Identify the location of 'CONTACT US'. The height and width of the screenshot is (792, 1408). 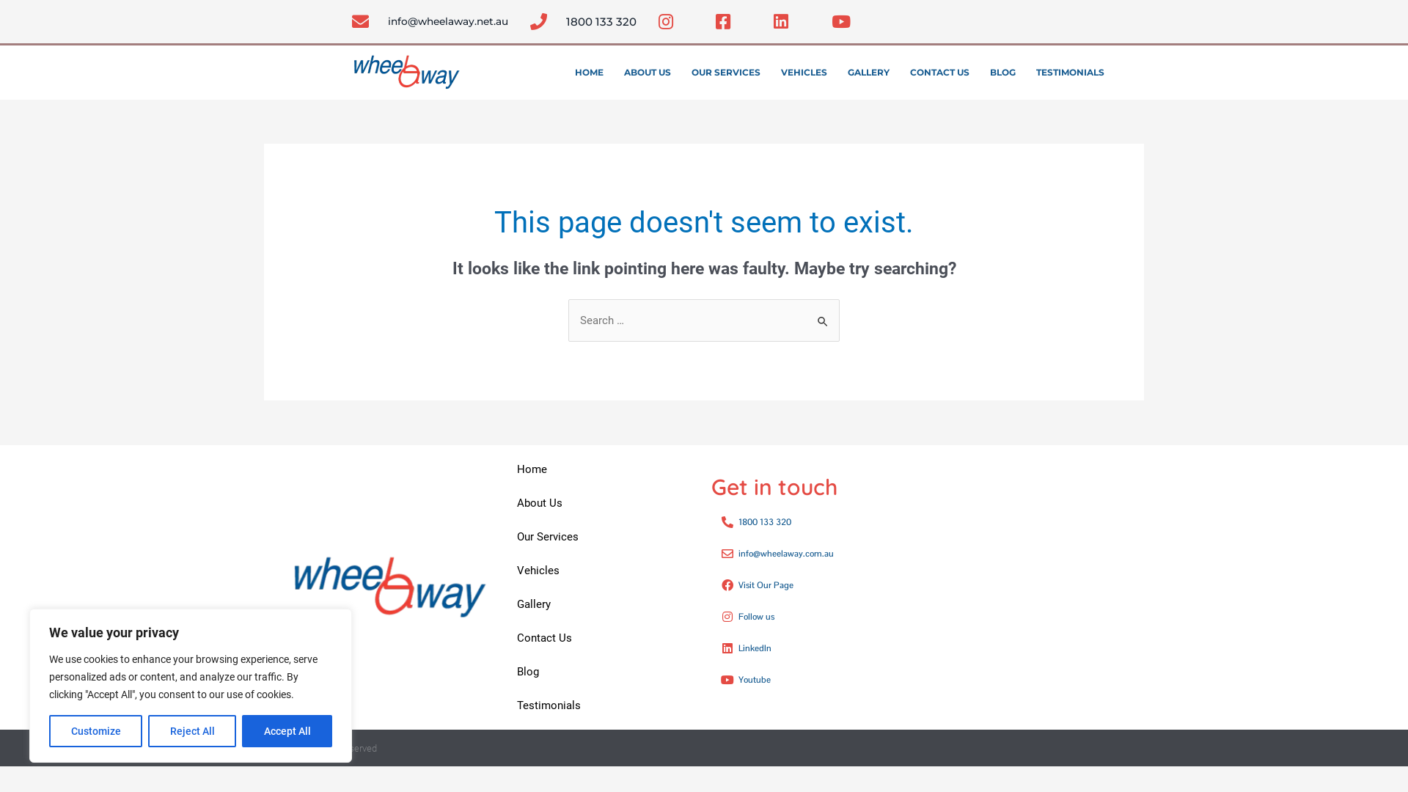
(939, 73).